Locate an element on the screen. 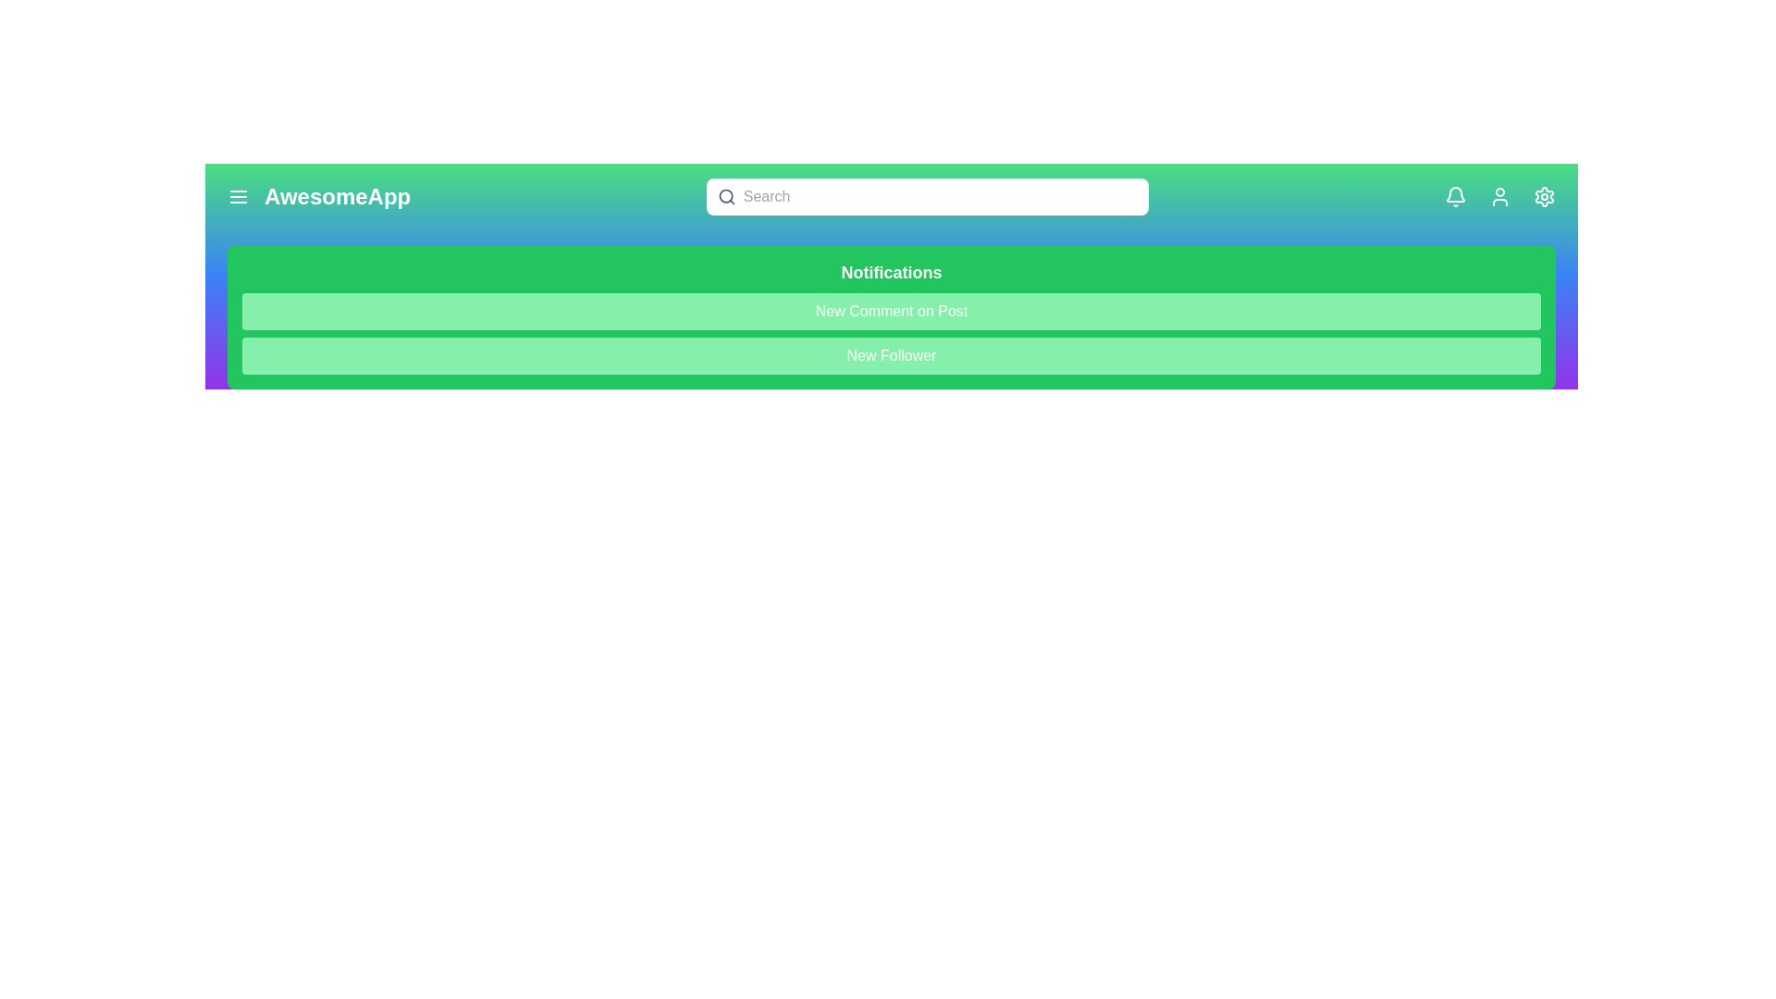  the decorative search icon located on the left side of the search bar, which indicates the purpose of the text box for entering search queries is located at coordinates (725, 196).